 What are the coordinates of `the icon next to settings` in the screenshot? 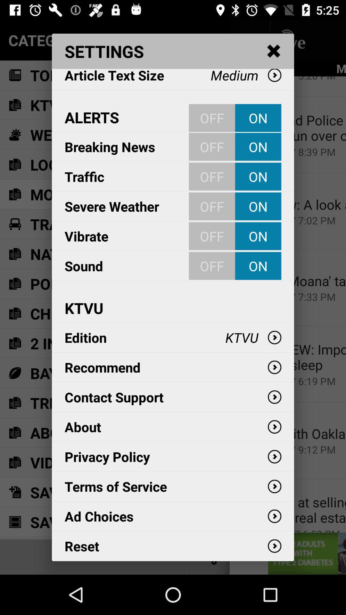 It's located at (274, 51).